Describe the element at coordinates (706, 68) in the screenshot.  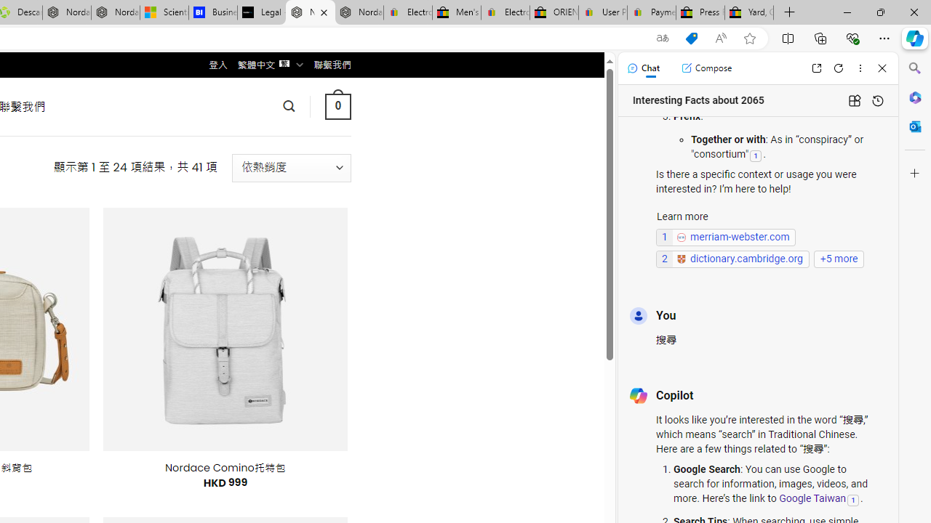
I see `'Compose'` at that location.